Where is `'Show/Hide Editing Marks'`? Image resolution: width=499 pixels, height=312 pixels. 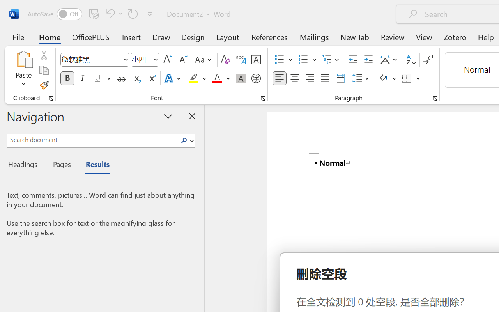
'Show/Hide Editing Marks' is located at coordinates (428, 60).